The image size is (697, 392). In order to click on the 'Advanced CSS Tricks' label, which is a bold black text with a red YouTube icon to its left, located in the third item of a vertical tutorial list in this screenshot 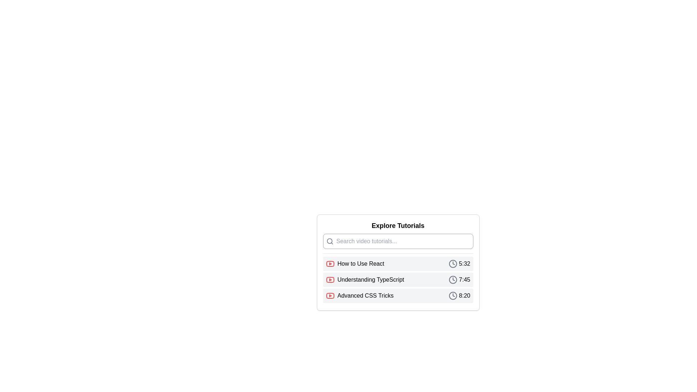, I will do `click(359, 295)`.